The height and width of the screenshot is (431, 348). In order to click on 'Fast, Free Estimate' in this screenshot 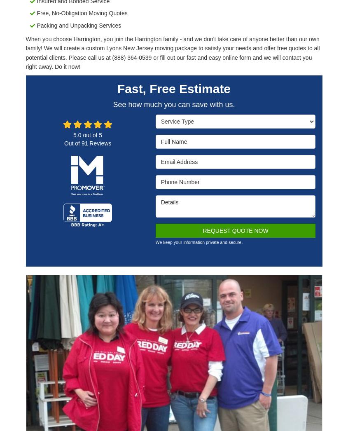, I will do `click(173, 88)`.